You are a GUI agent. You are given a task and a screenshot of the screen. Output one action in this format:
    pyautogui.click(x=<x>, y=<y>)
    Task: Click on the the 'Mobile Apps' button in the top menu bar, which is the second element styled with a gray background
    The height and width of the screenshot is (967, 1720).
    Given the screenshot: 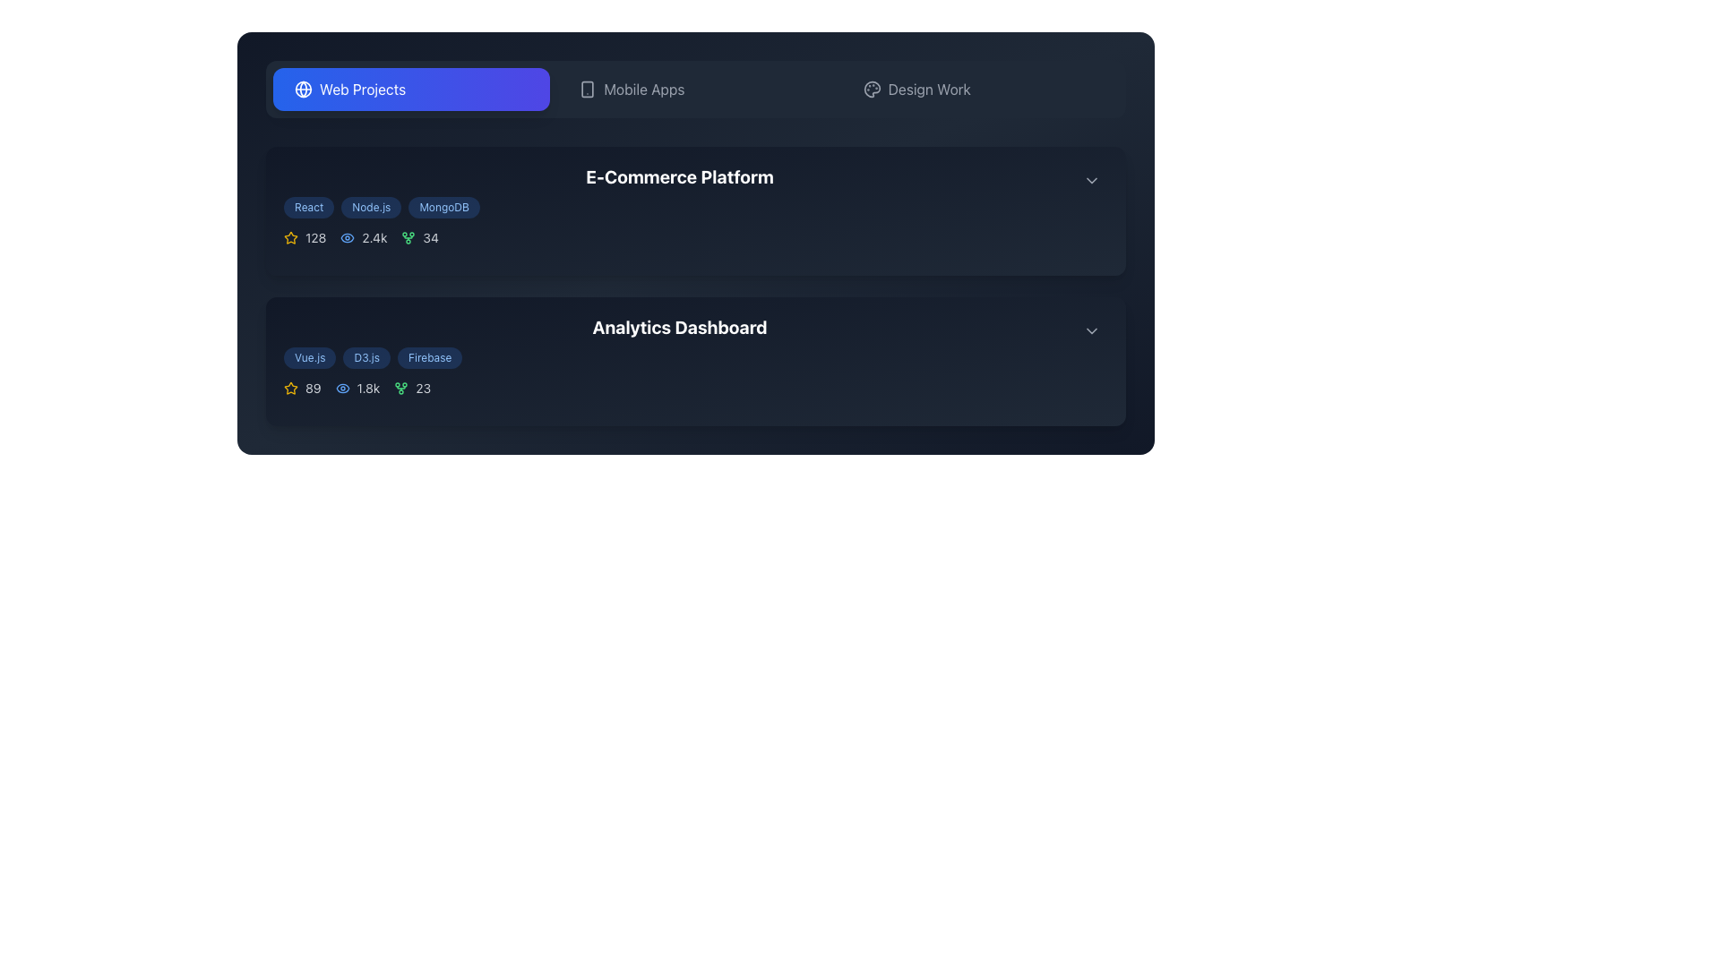 What is the action you would take?
    pyautogui.click(x=695, y=90)
    